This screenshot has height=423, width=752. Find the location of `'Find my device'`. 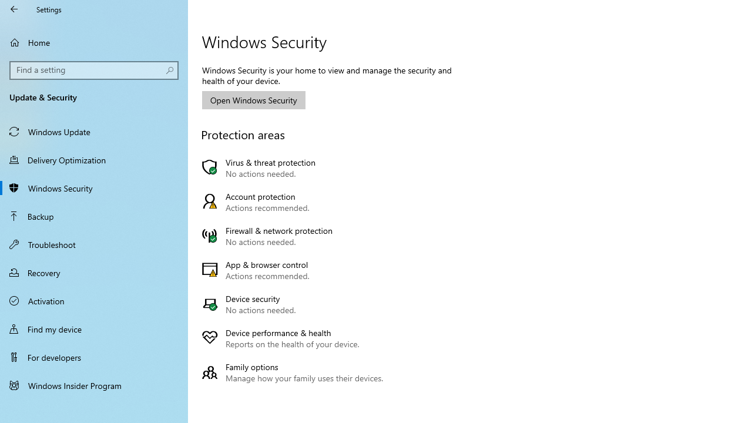

'Find my device' is located at coordinates (94, 328).